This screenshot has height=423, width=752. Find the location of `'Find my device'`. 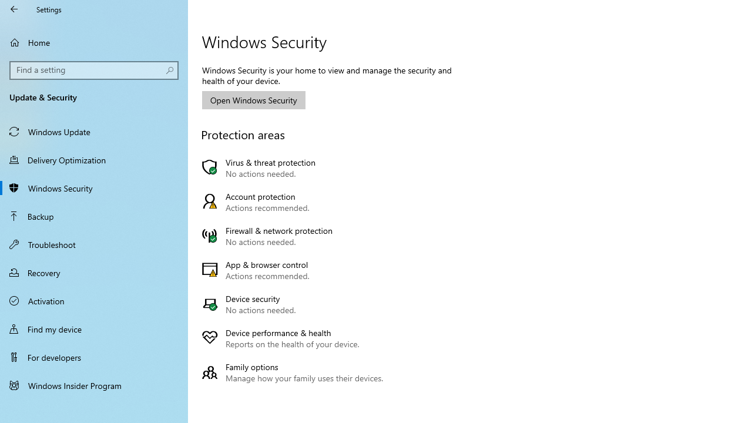

'Find my device' is located at coordinates (94, 328).